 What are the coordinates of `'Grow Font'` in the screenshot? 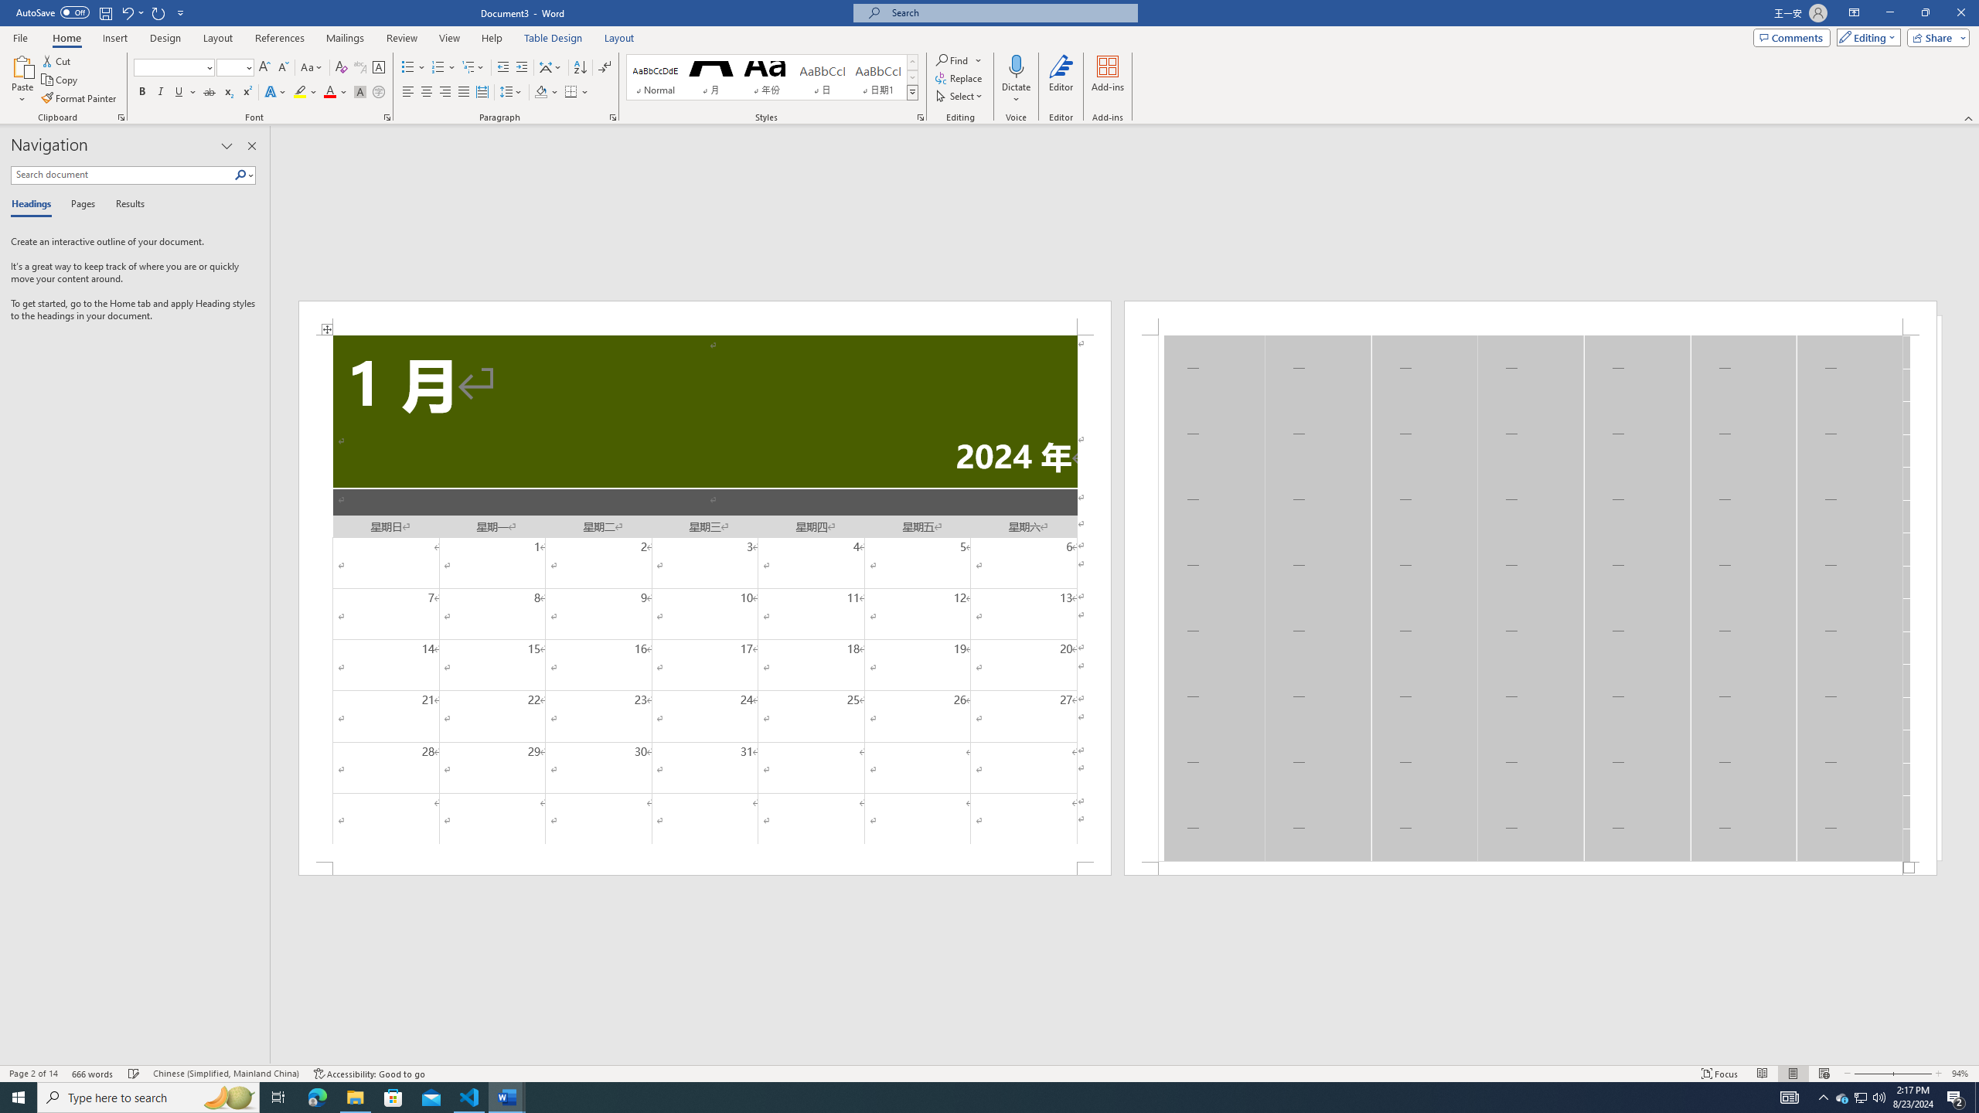 It's located at (264, 67).